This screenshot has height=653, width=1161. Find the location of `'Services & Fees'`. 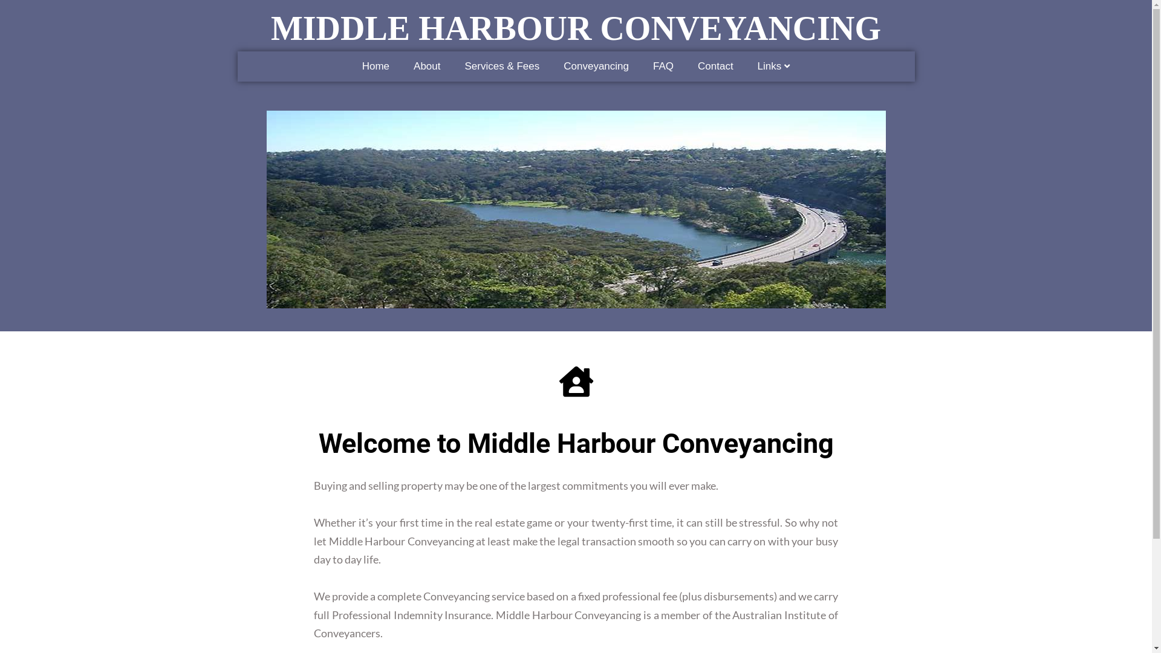

'Services & Fees' is located at coordinates (452, 67).